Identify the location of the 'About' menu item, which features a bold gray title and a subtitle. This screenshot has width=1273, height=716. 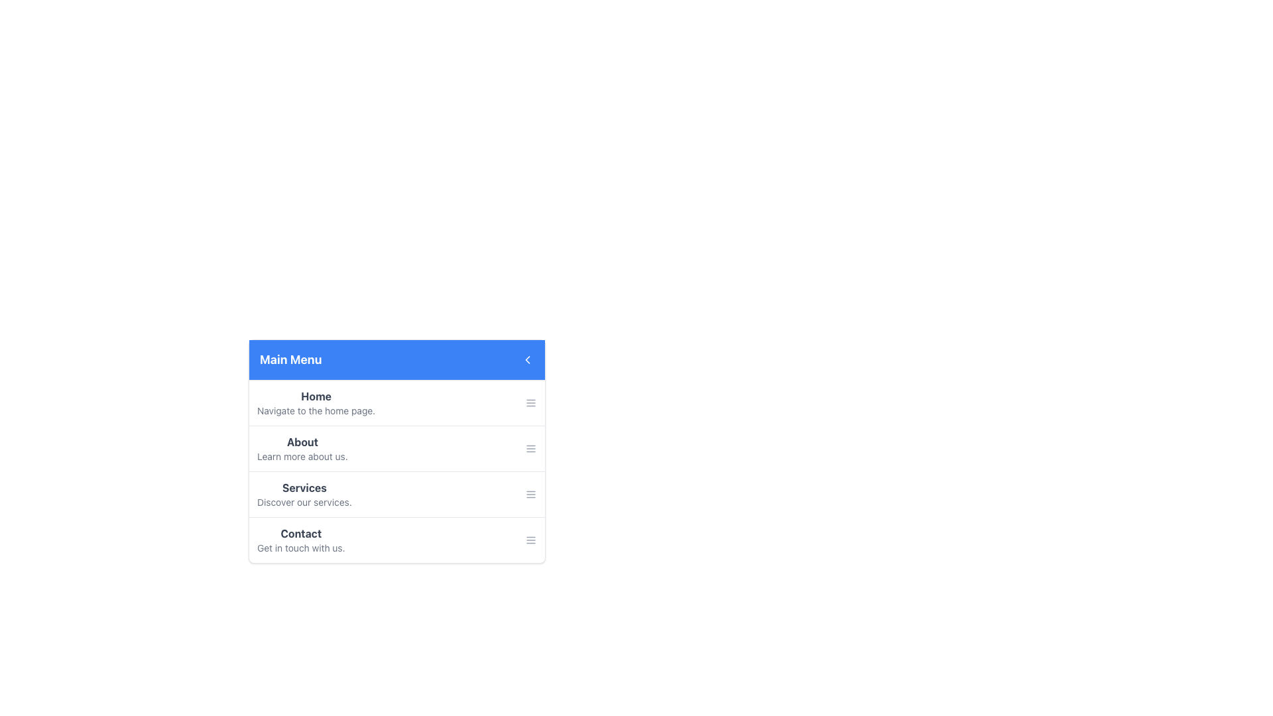
(396, 447).